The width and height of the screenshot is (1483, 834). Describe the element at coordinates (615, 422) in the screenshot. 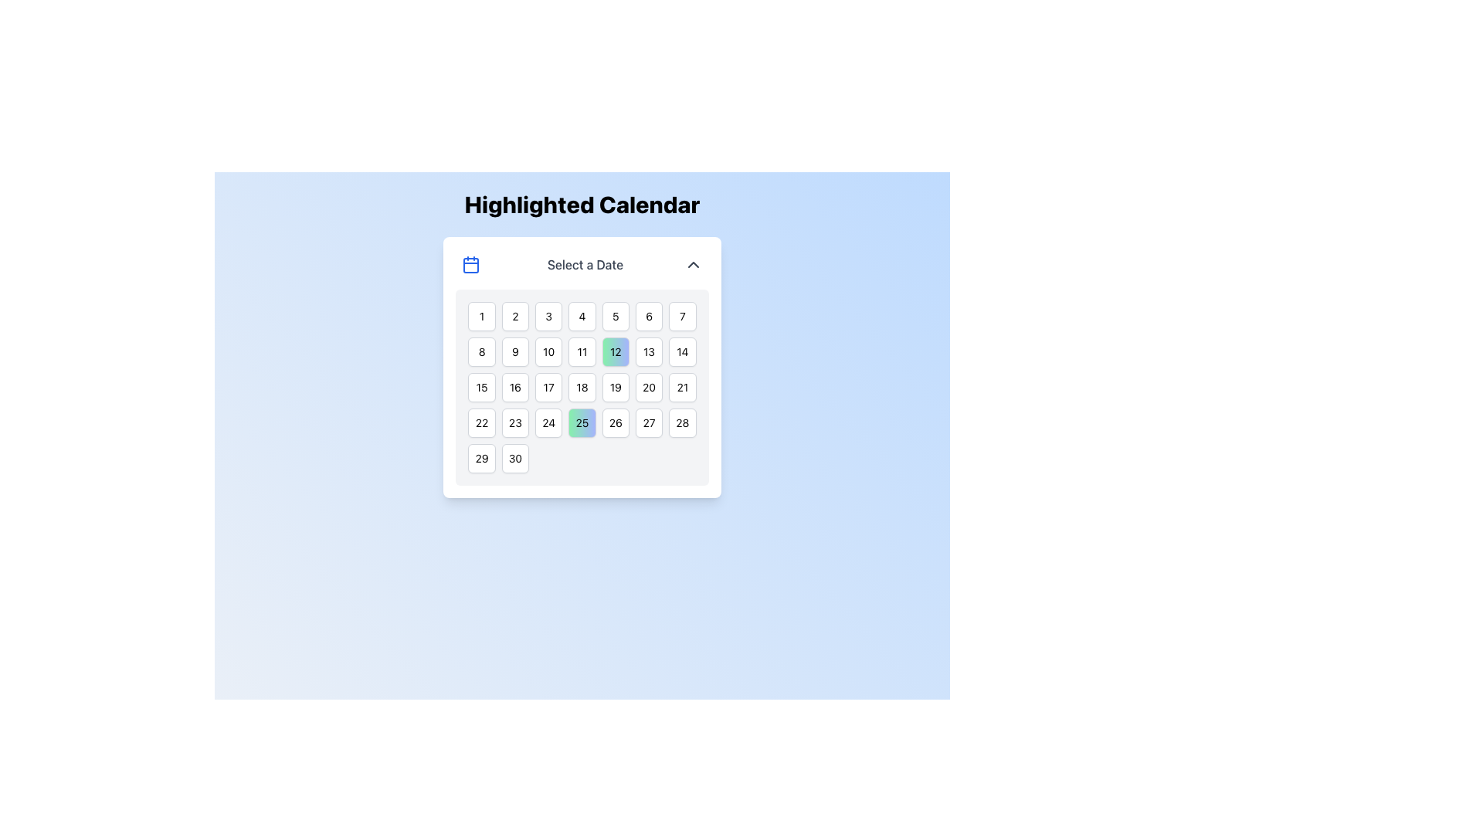

I see `the button labeled '26' in the date picker component` at that location.